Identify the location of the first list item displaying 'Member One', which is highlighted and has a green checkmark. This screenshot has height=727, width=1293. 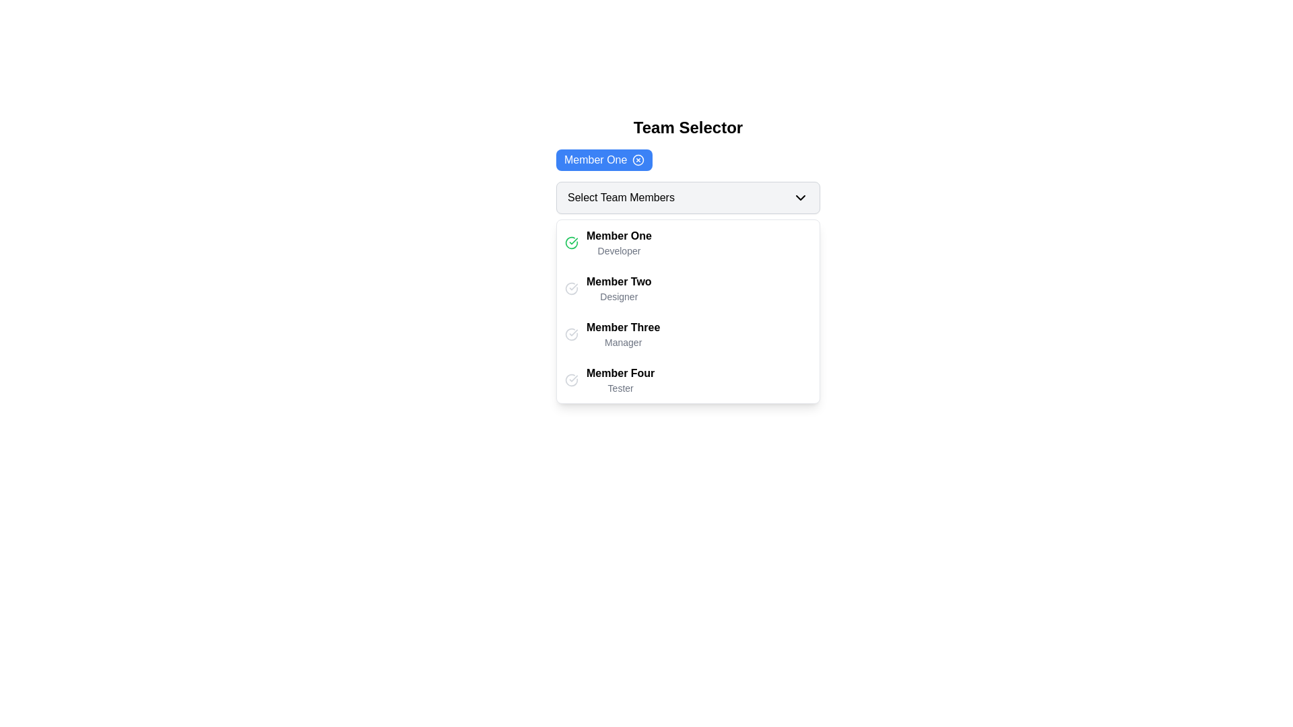
(688, 260).